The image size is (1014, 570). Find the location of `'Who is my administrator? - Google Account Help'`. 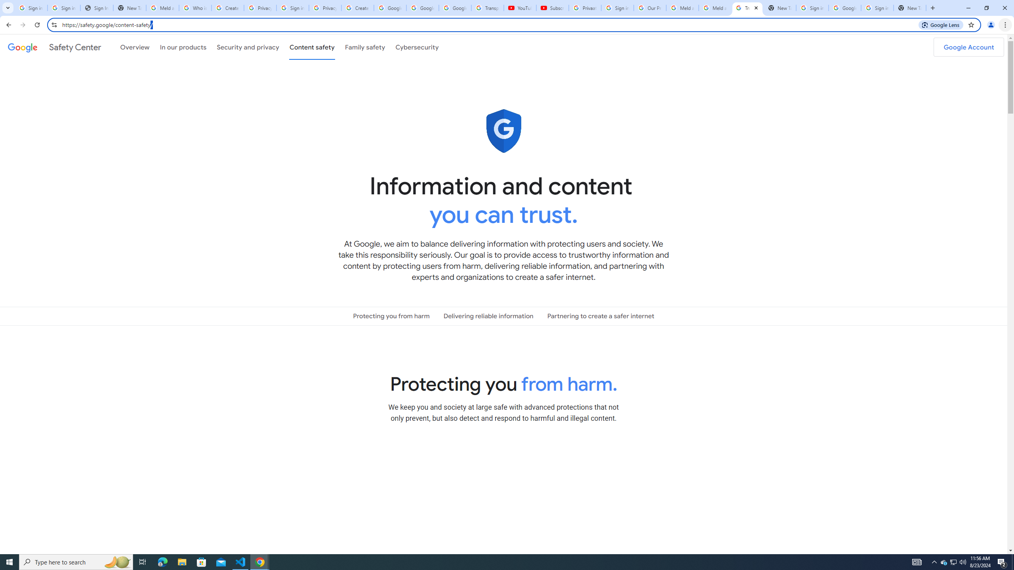

'Who is my administrator? - Google Account Help' is located at coordinates (195, 8).